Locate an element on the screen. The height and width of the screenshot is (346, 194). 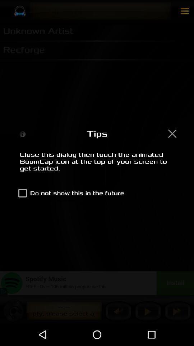
the close this dialog is located at coordinates (97, 165).